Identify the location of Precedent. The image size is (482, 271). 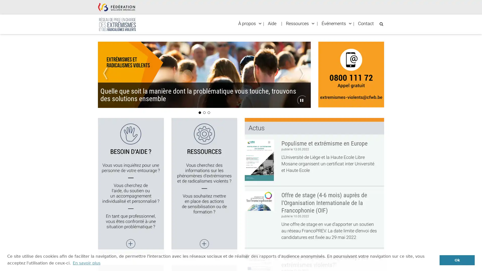
(113, 70).